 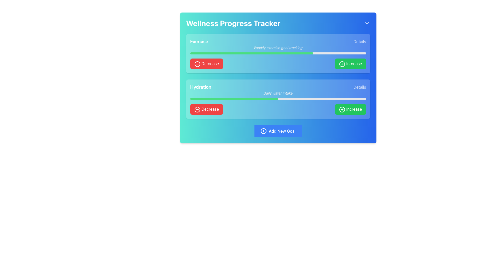 I want to click on the circular icon containing a plus symbol, which is, so click(x=264, y=131).